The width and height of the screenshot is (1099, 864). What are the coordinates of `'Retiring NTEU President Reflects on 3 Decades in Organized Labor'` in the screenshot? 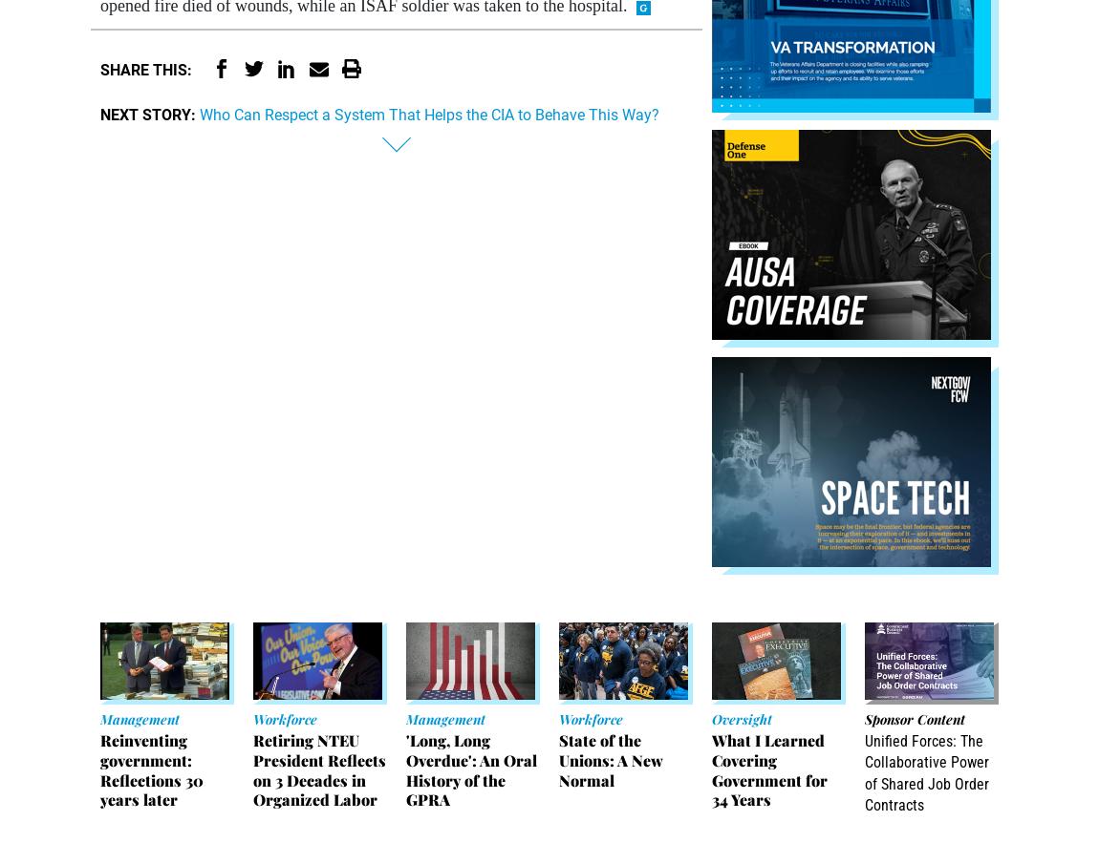 It's located at (318, 769).